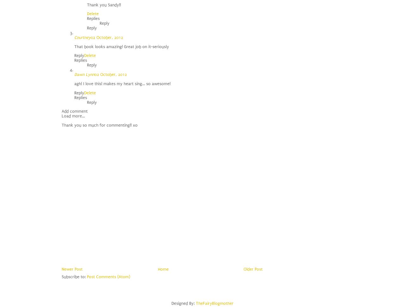 The image size is (405, 307). Describe the element at coordinates (61, 111) in the screenshot. I see `'Add comment'` at that location.